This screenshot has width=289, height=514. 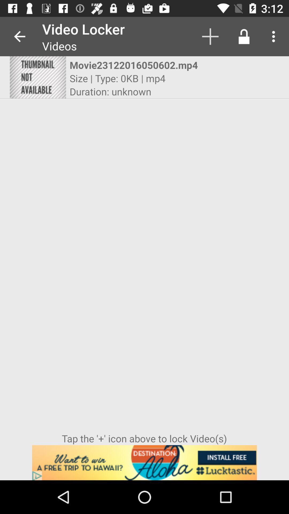 I want to click on duration: unknown item, so click(x=110, y=91).